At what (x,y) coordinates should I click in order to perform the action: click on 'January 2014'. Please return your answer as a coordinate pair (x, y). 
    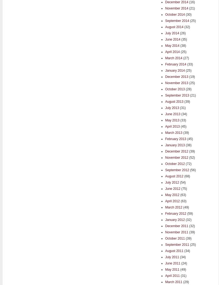
    Looking at the image, I should click on (175, 70).